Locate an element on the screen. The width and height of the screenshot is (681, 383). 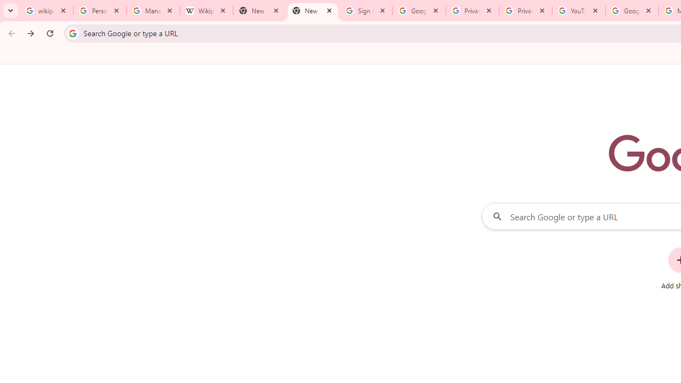
'YouTube' is located at coordinates (578, 11).